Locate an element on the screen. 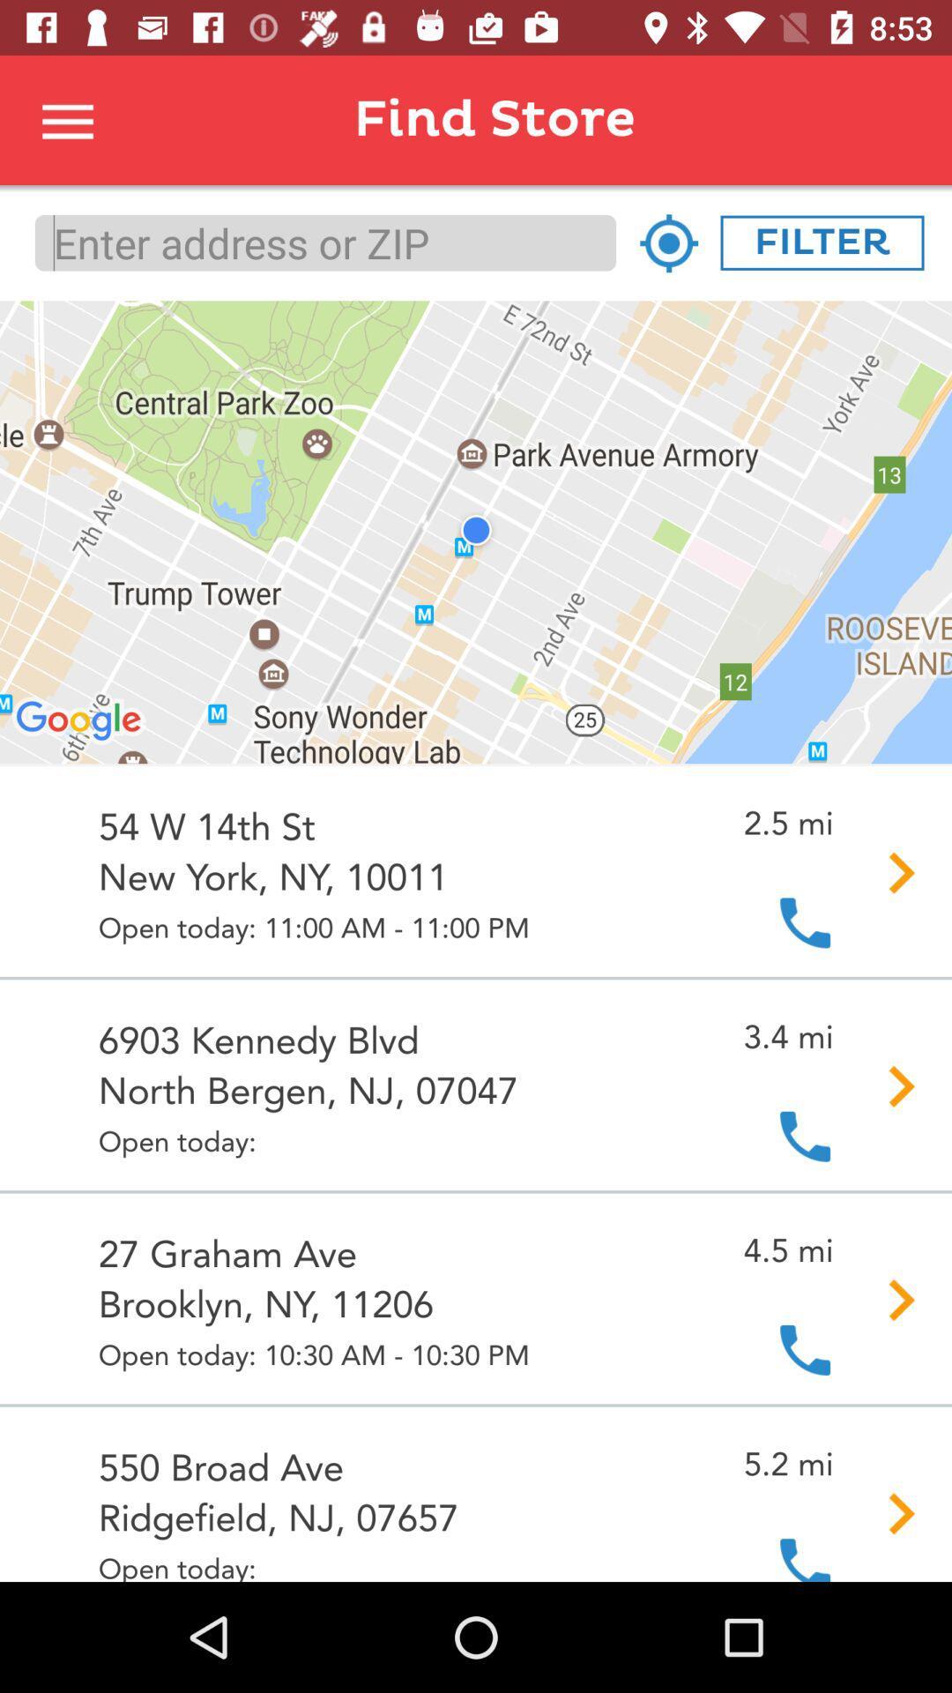 The width and height of the screenshot is (952, 1693). gps location is located at coordinates (668, 242).